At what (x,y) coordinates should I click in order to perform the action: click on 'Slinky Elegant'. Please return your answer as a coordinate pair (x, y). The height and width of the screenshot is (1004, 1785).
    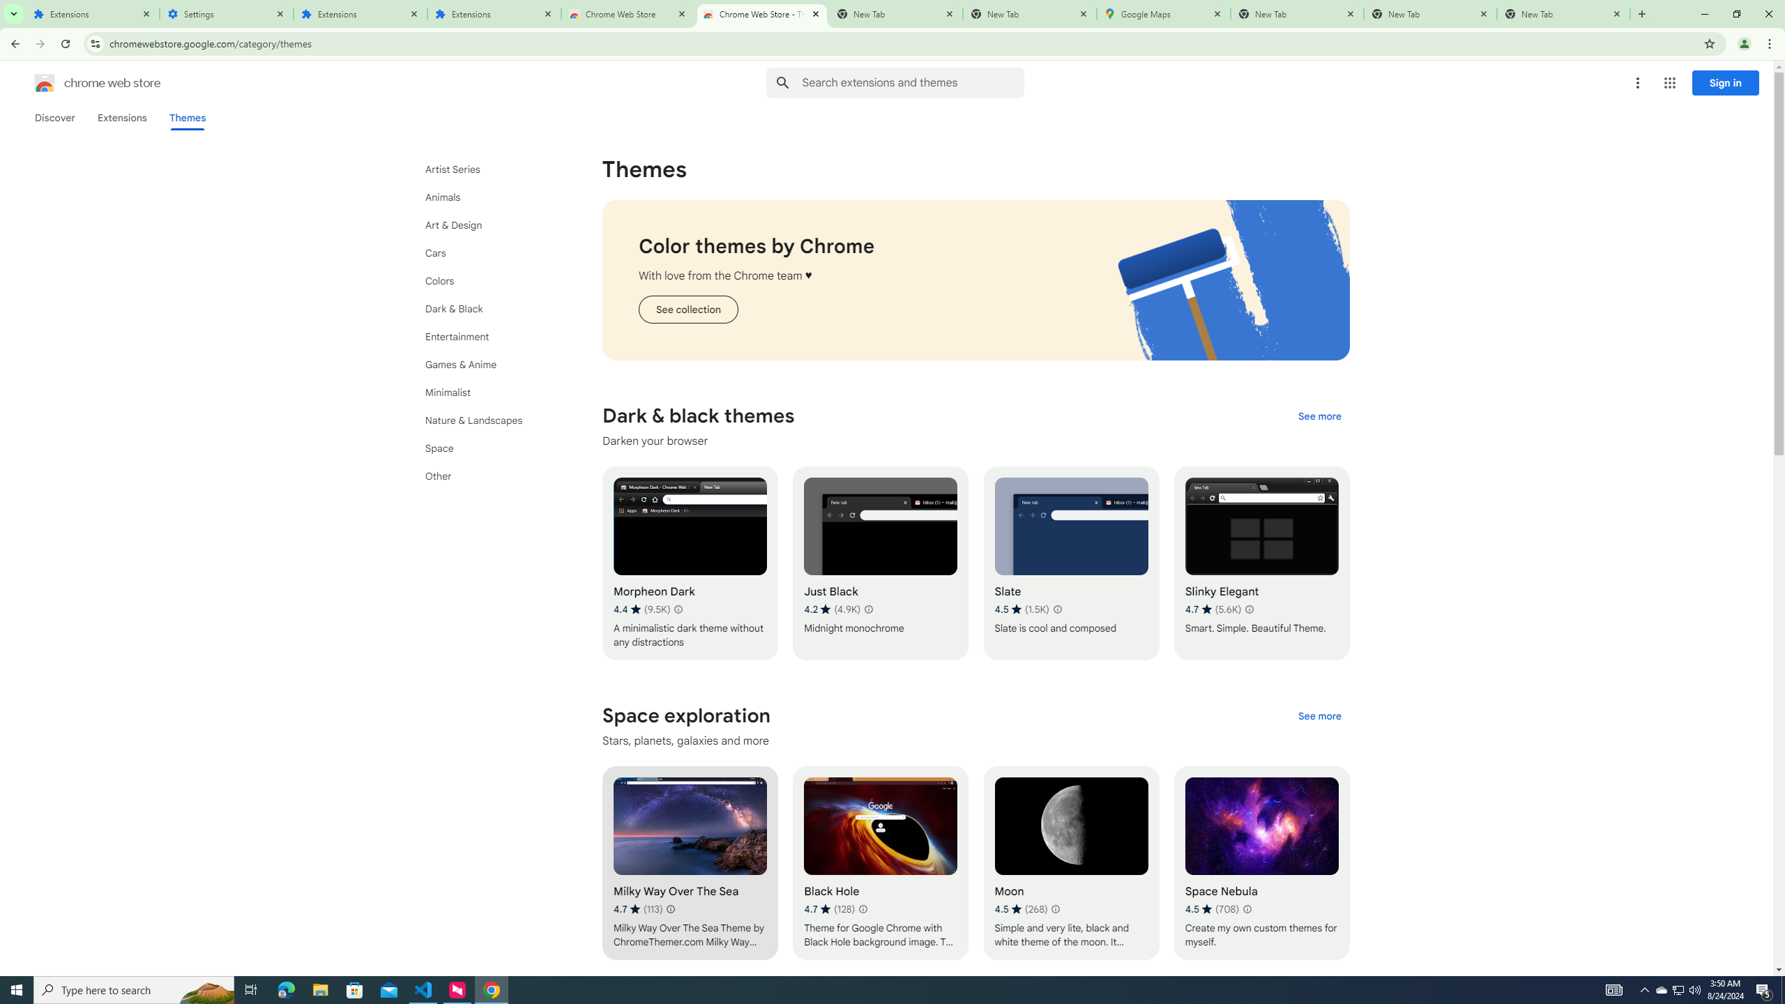
    Looking at the image, I should click on (1260, 563).